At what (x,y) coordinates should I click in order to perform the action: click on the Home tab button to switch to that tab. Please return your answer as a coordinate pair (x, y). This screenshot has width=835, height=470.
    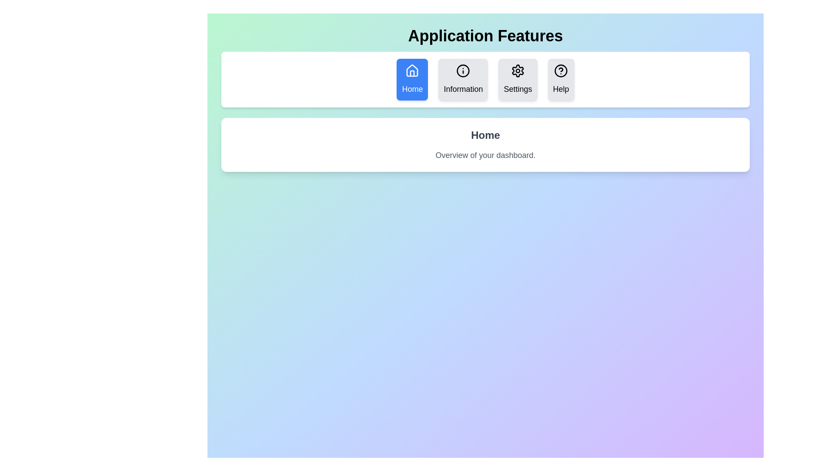
    Looking at the image, I should click on (412, 79).